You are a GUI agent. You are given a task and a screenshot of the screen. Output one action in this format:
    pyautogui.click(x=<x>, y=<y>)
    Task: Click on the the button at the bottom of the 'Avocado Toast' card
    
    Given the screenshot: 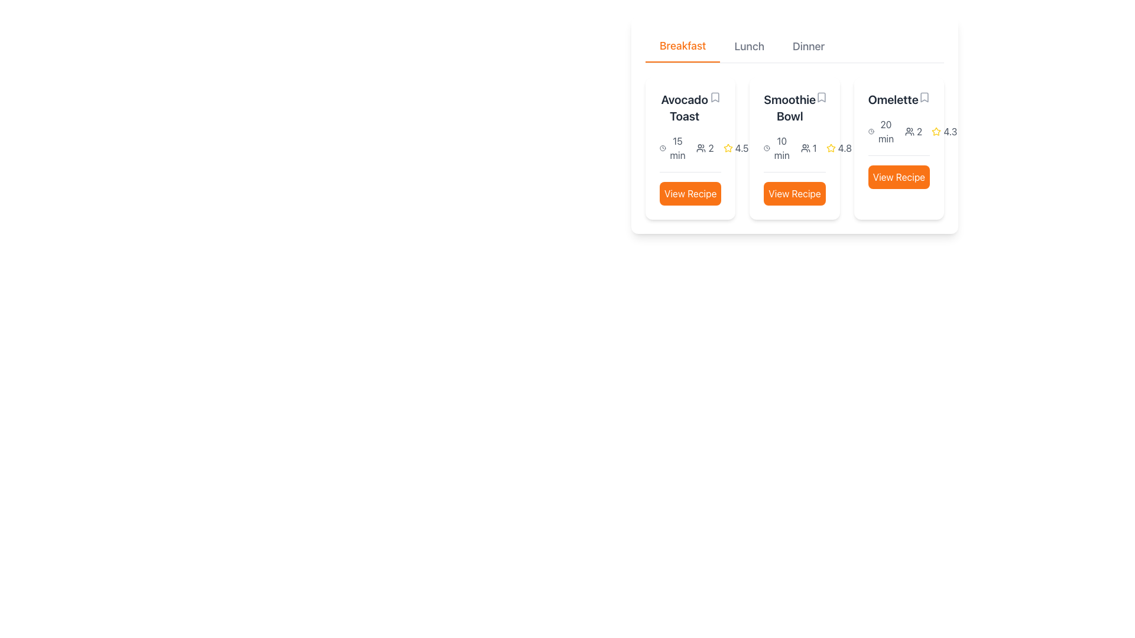 What is the action you would take?
    pyautogui.click(x=690, y=188)
    